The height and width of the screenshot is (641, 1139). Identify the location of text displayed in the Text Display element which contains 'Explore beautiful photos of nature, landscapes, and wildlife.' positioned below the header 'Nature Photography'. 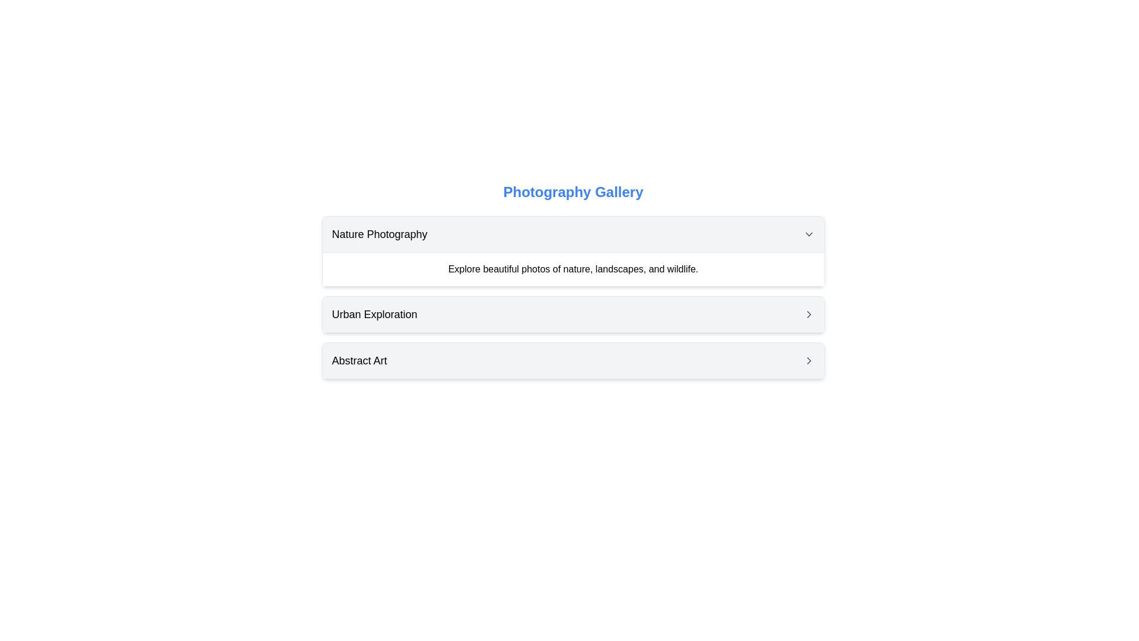
(573, 269).